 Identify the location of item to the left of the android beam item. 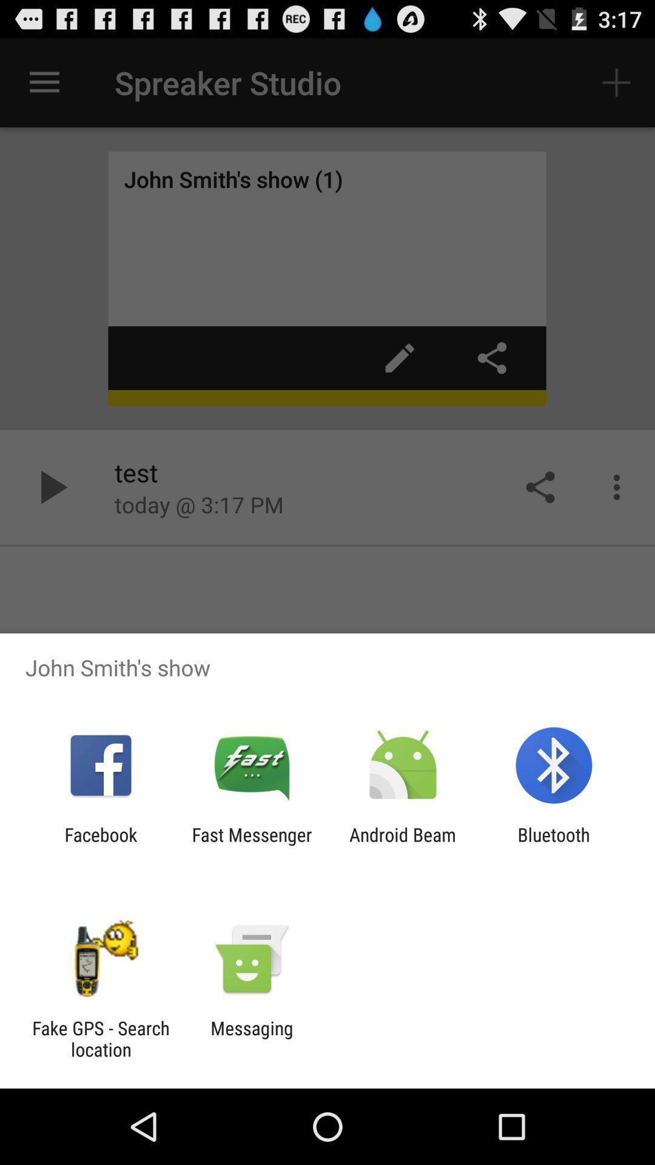
(251, 845).